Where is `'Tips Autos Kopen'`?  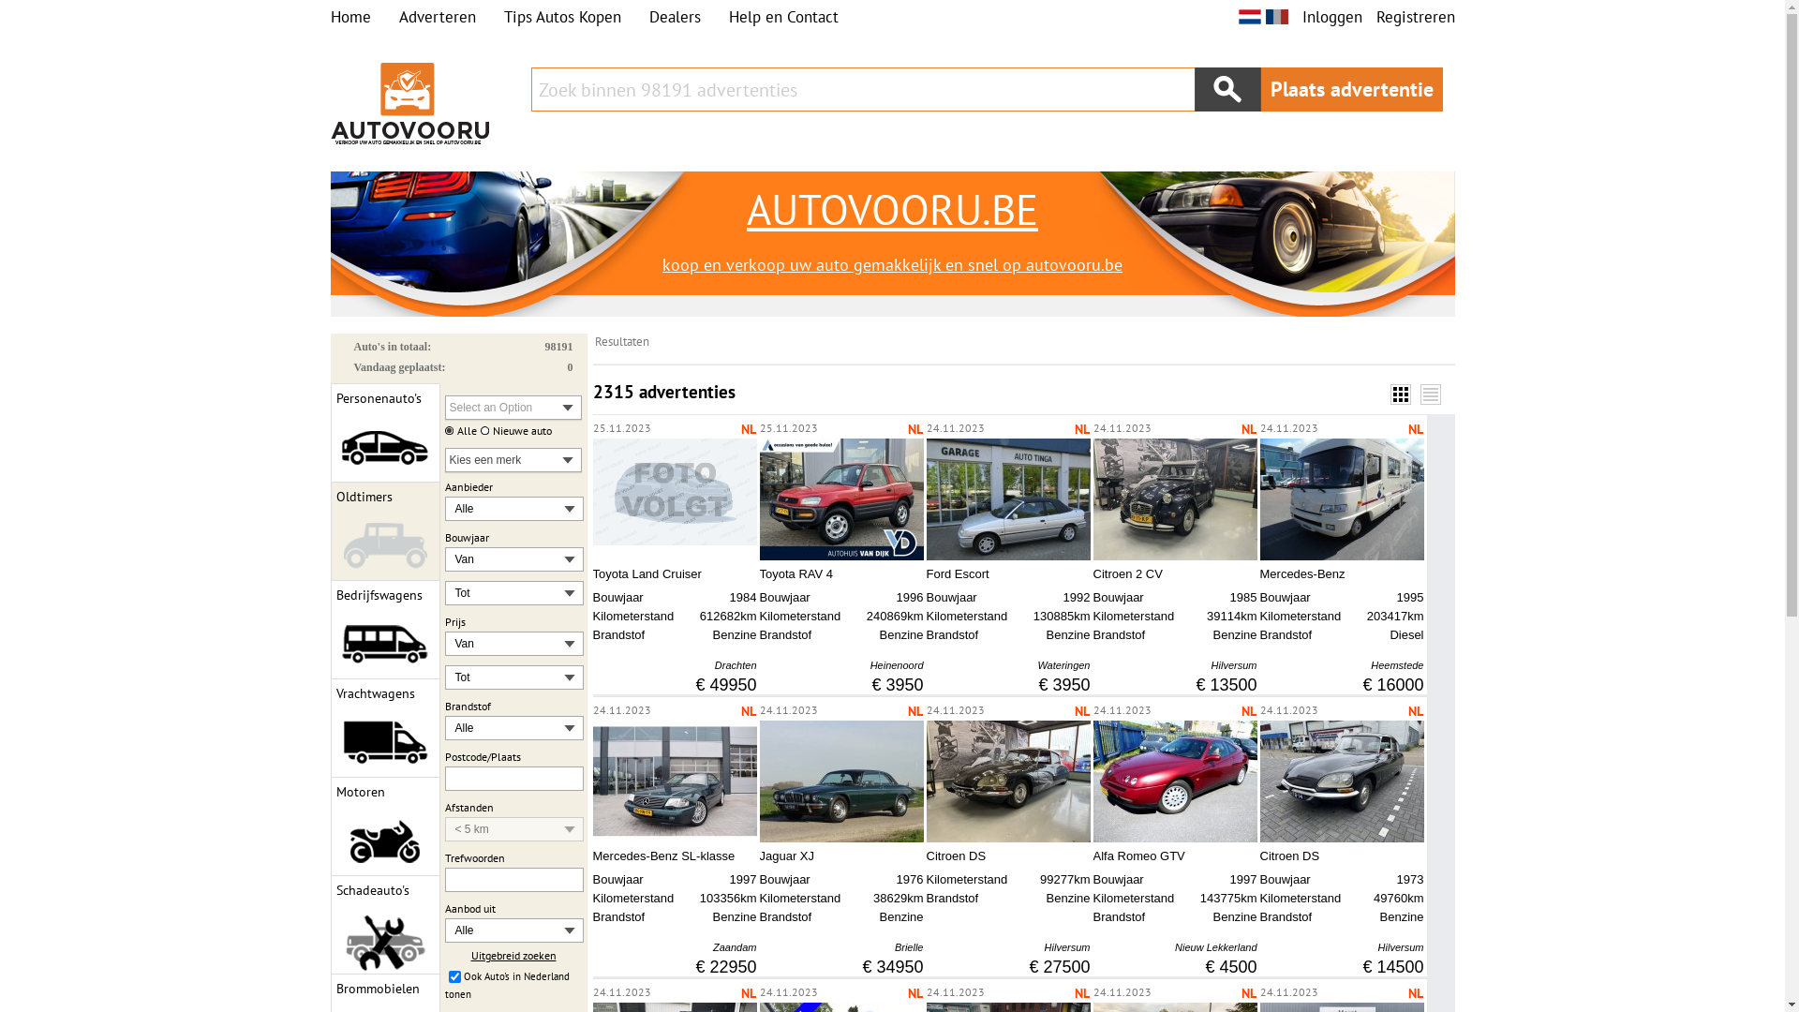
'Tips Autos Kopen' is located at coordinates (561, 17).